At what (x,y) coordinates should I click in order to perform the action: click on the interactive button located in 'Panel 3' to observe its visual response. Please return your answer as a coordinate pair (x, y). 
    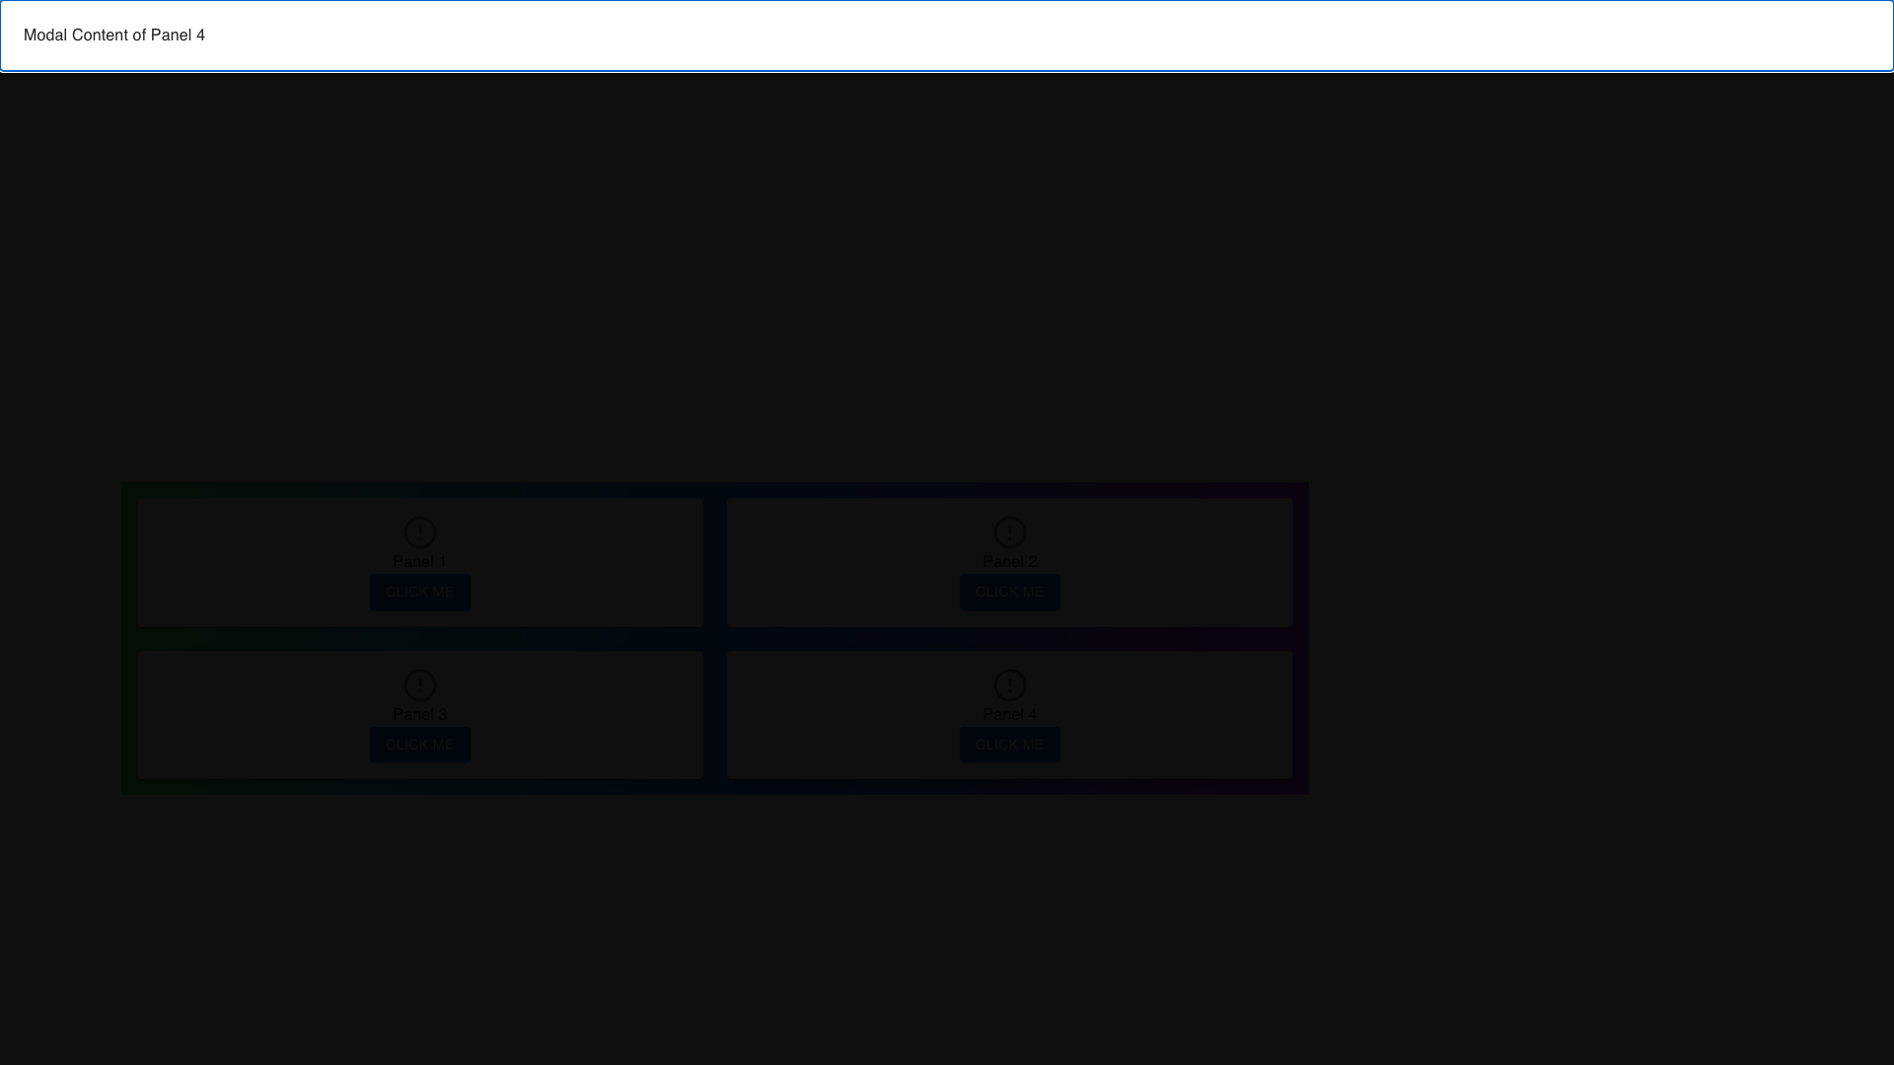
    Looking at the image, I should click on (419, 744).